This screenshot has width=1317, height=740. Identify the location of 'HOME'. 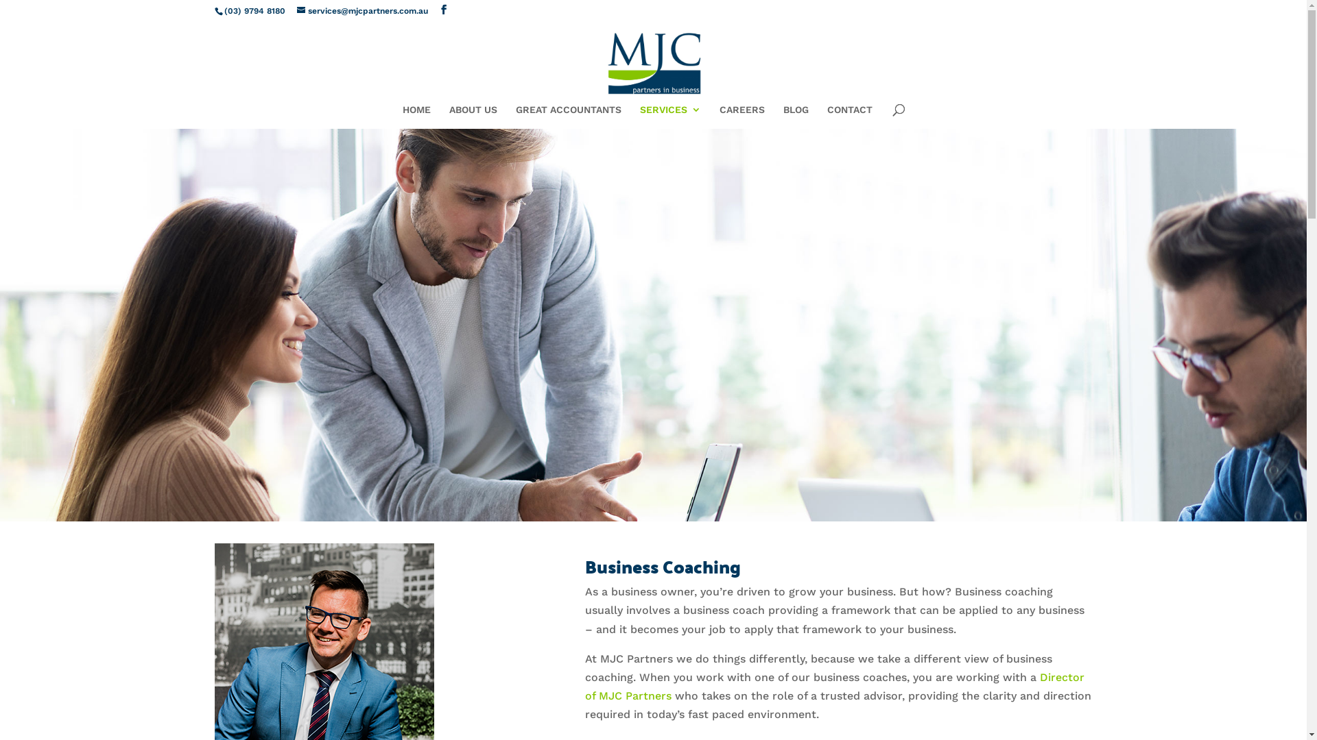
(401, 116).